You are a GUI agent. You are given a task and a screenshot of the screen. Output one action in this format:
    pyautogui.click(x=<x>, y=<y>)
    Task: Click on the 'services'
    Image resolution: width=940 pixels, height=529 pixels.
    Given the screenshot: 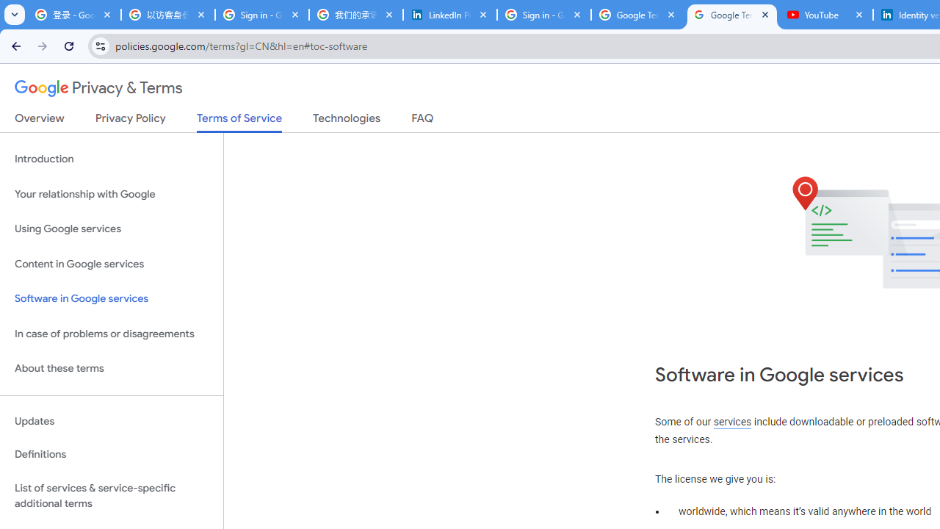 What is the action you would take?
    pyautogui.click(x=732, y=422)
    